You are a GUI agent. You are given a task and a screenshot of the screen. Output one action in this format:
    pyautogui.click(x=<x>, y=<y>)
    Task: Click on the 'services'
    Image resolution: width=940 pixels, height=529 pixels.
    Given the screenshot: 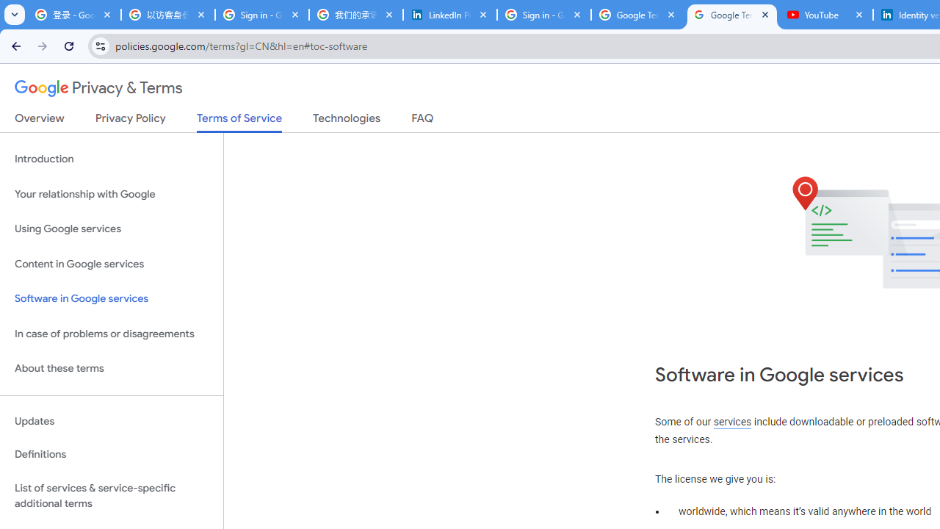 What is the action you would take?
    pyautogui.click(x=732, y=422)
    